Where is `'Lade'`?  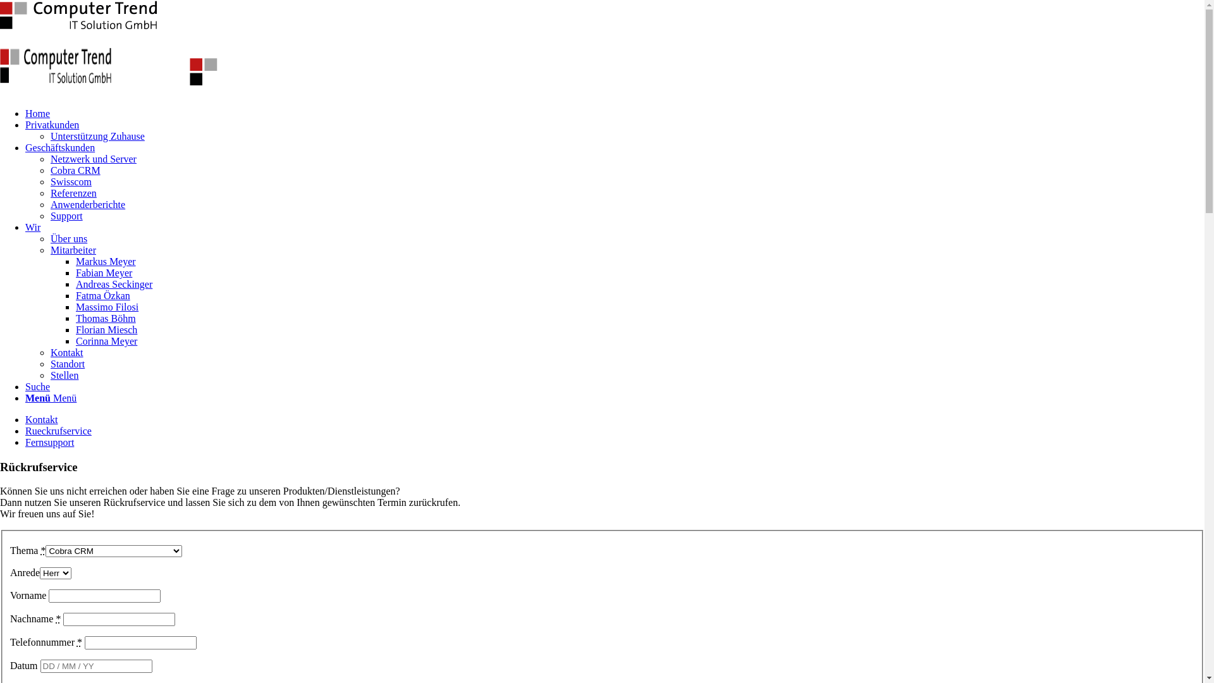 'Lade' is located at coordinates (78, 15).